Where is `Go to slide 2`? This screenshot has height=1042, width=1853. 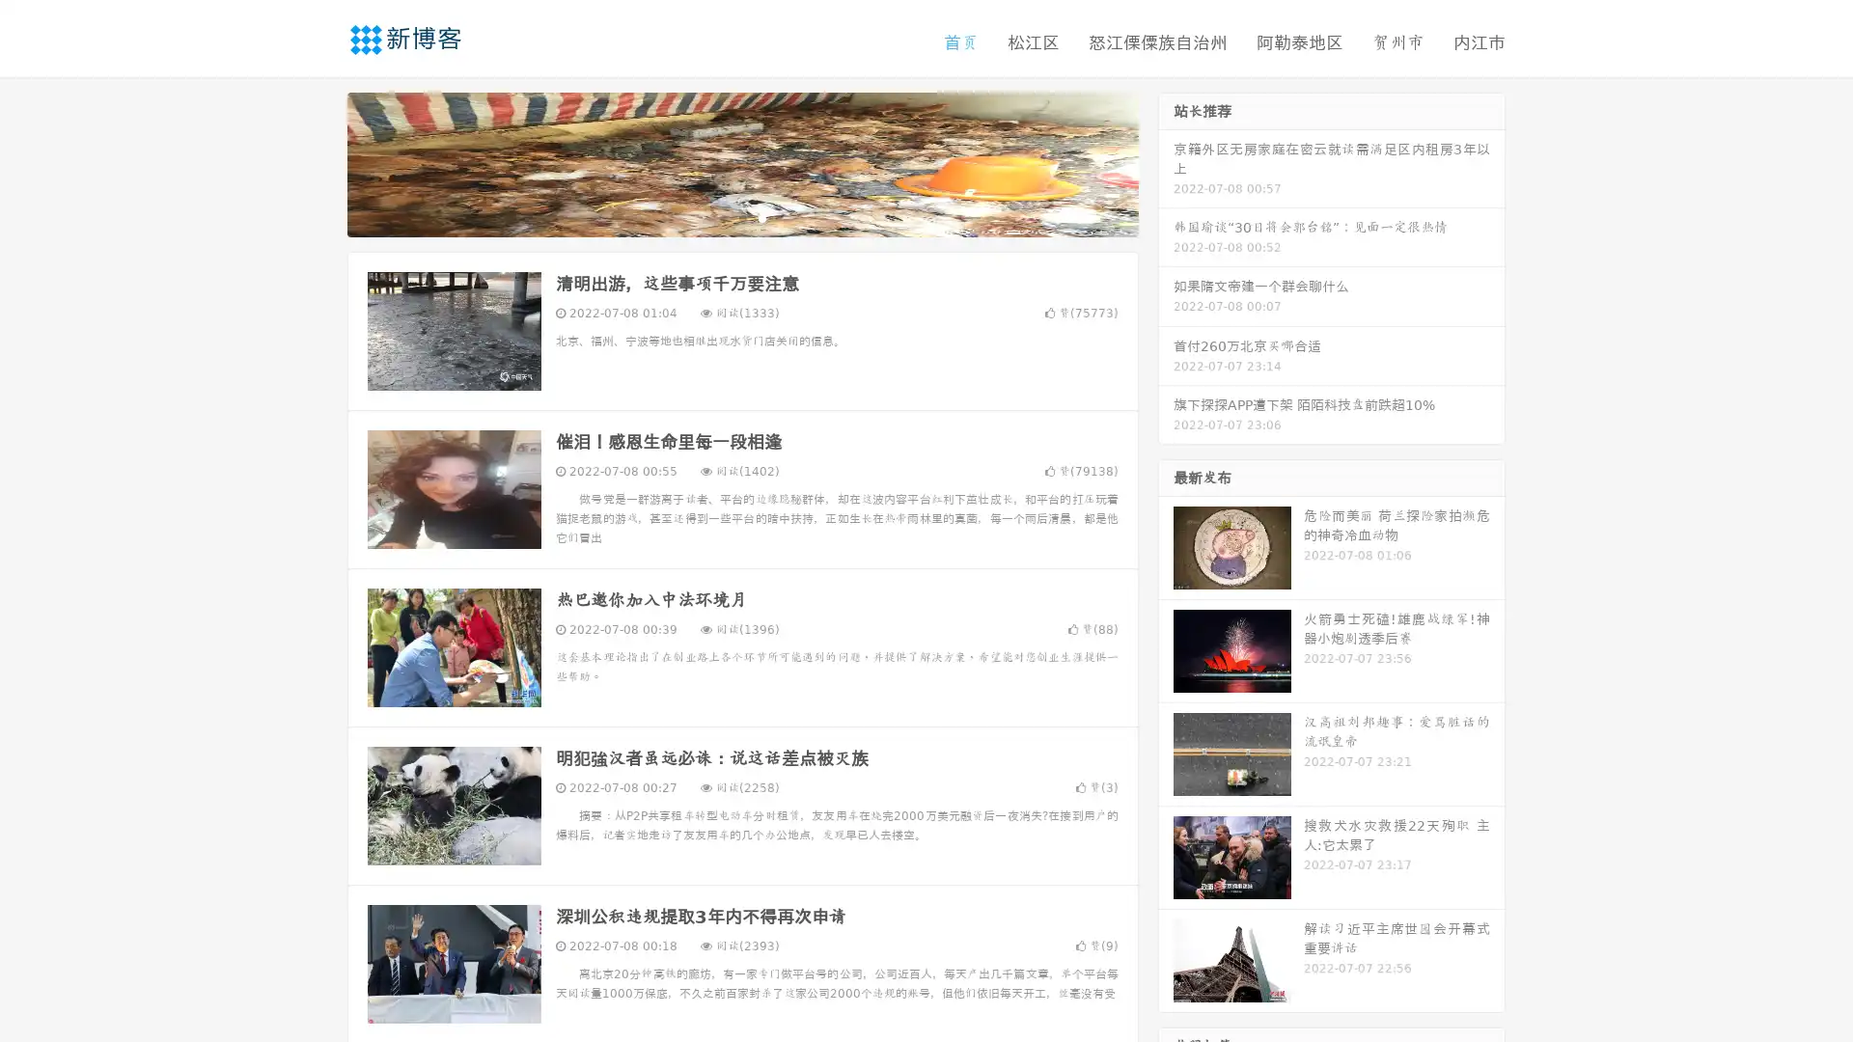
Go to slide 2 is located at coordinates (741, 217).